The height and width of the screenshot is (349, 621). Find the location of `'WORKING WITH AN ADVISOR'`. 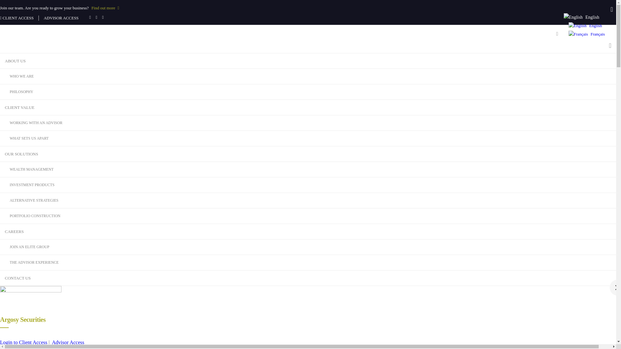

'WORKING WITH AN ADVISOR' is located at coordinates (0, 123).